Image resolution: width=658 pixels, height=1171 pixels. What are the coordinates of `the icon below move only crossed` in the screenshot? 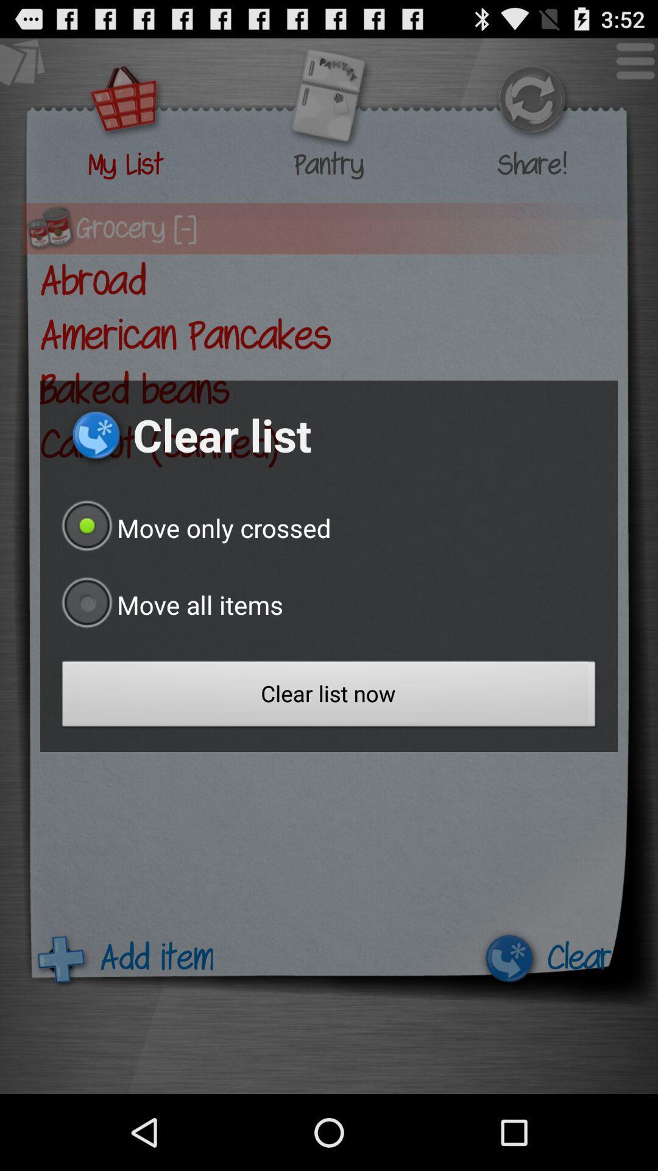 It's located at (169, 604).